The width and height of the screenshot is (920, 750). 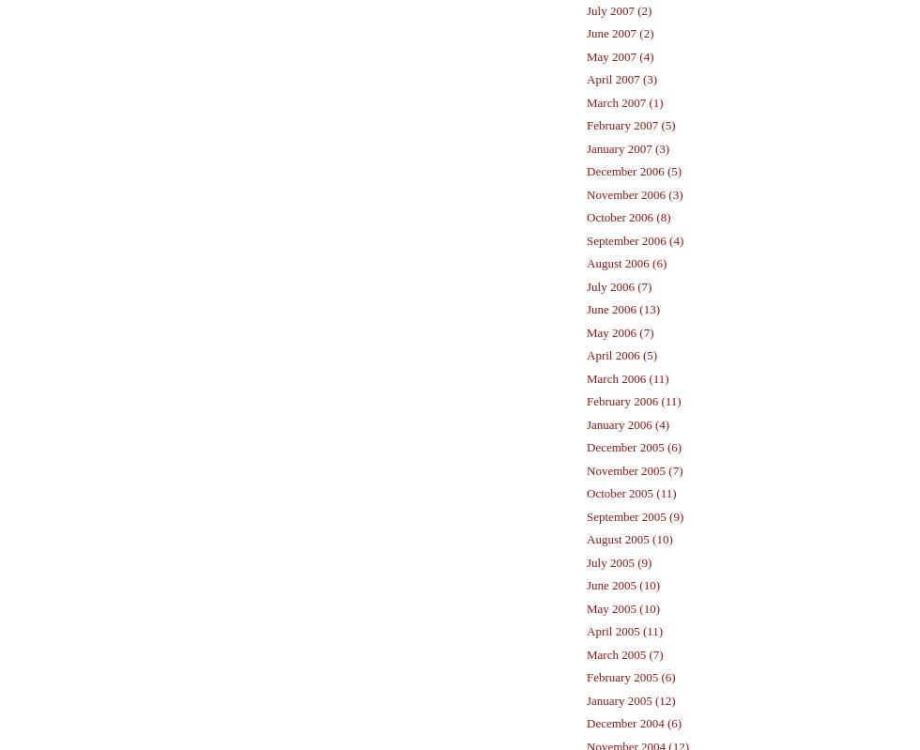 What do you see at coordinates (631, 492) in the screenshot?
I see `'October 2005 (11)'` at bounding box center [631, 492].